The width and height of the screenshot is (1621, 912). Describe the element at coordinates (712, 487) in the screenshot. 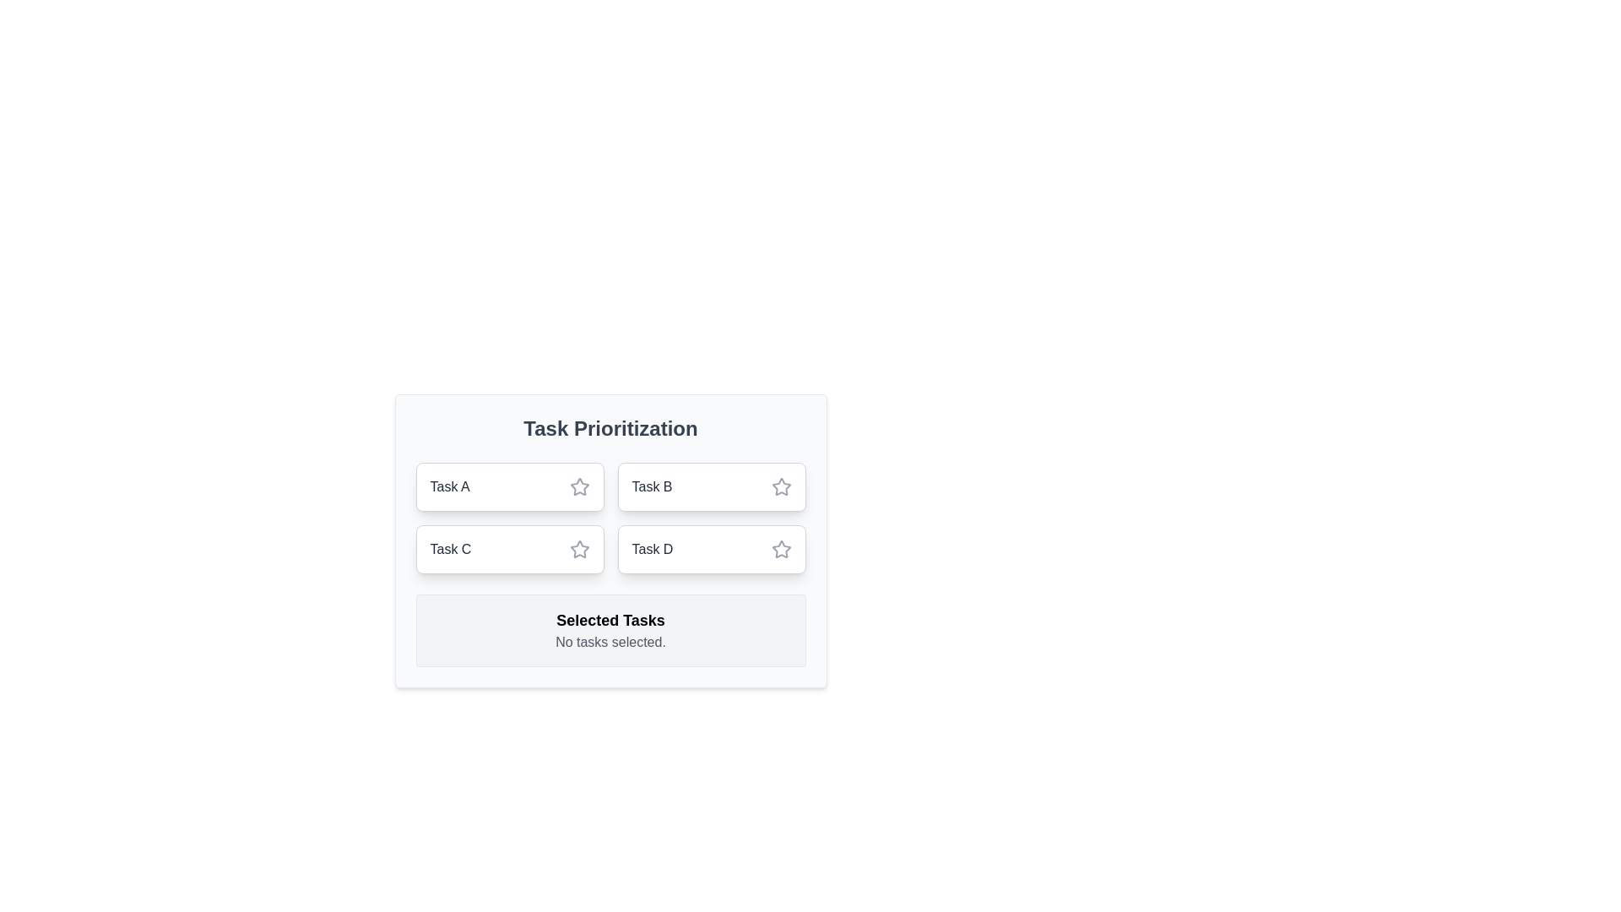

I see `the task Task B by clicking on its chip` at that location.